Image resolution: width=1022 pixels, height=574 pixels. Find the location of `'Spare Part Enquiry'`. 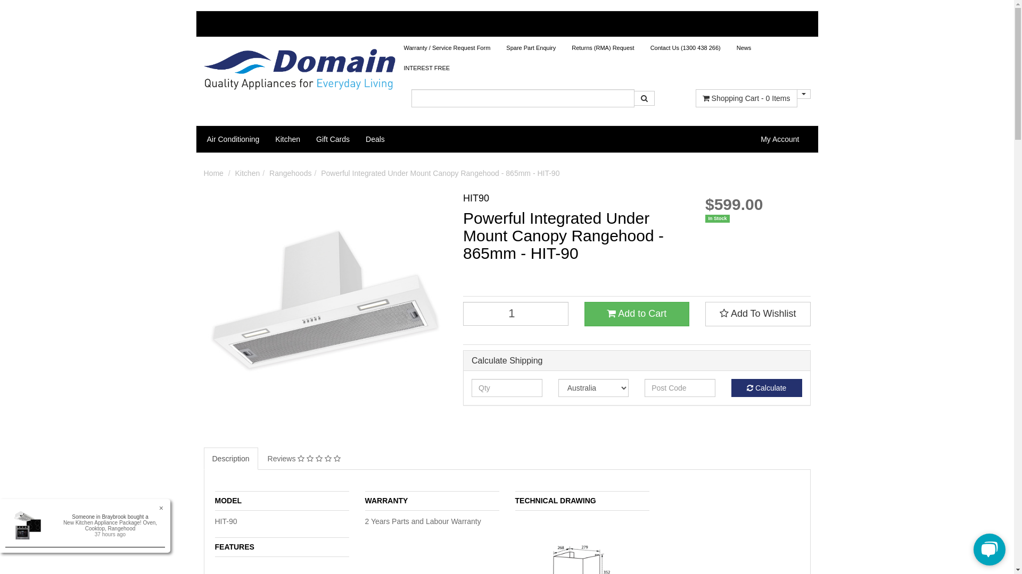

'Spare Part Enquiry' is located at coordinates (498, 47).